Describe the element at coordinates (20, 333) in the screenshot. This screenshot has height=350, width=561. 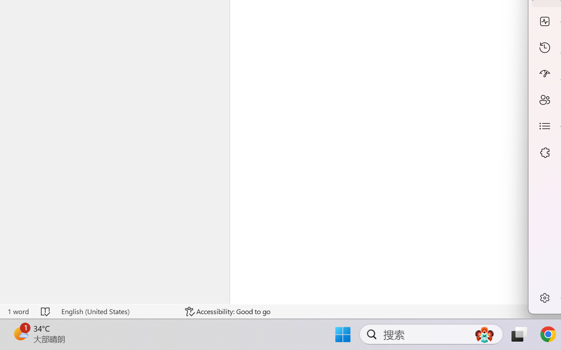
I see `'AutomationID: BadgeAnchorLargeTicker'` at that location.